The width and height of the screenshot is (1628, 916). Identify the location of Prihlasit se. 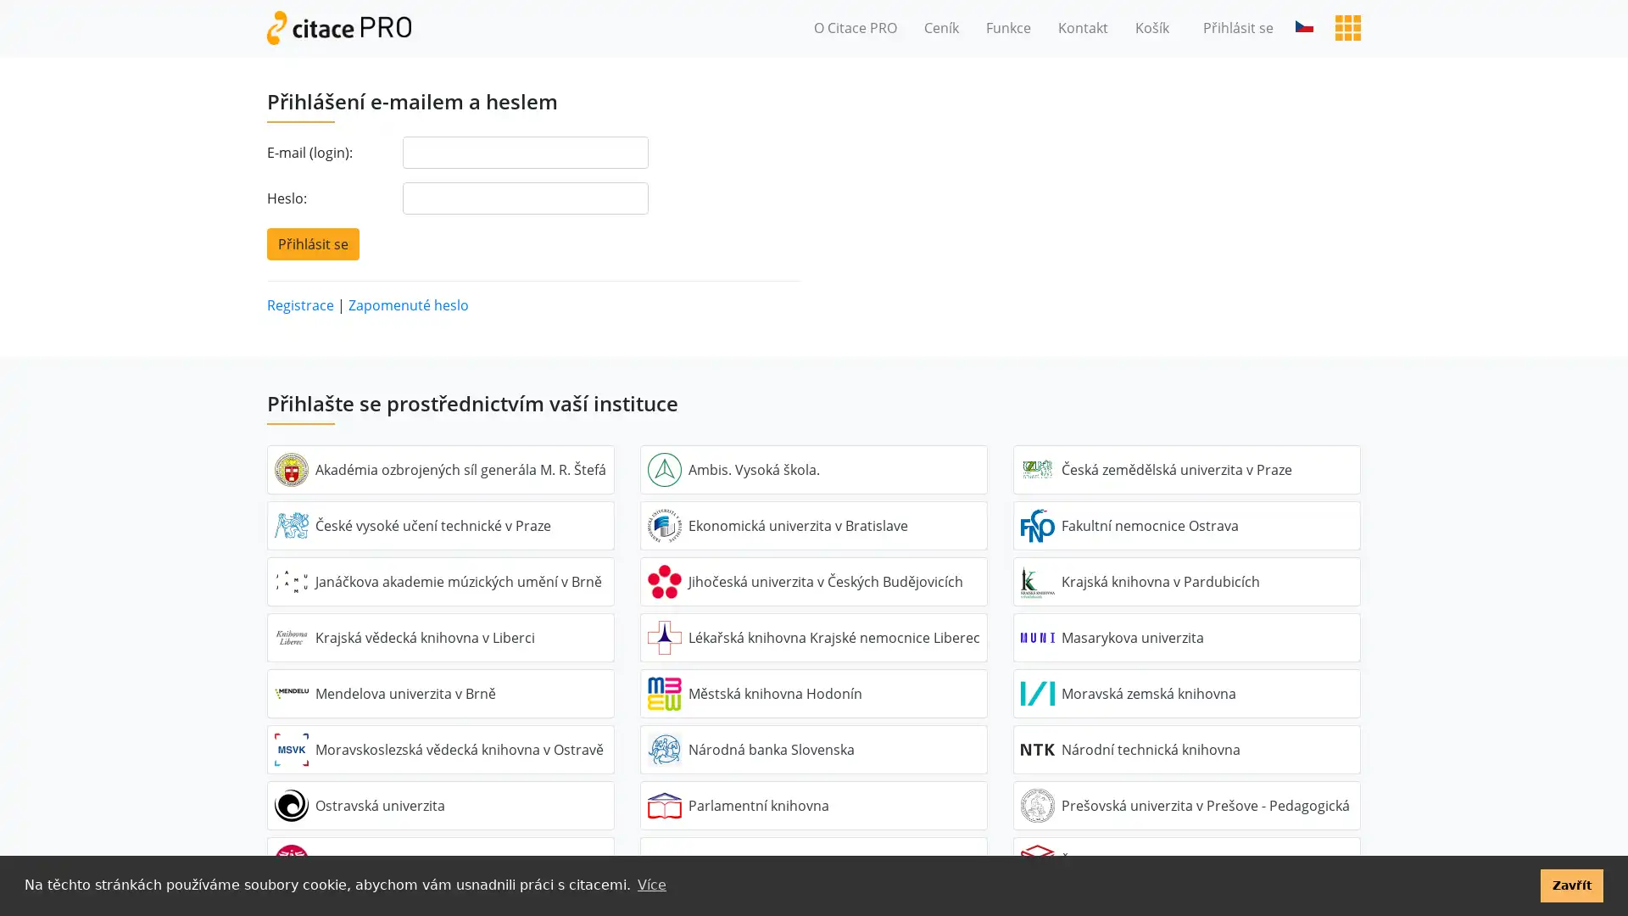
(313, 243).